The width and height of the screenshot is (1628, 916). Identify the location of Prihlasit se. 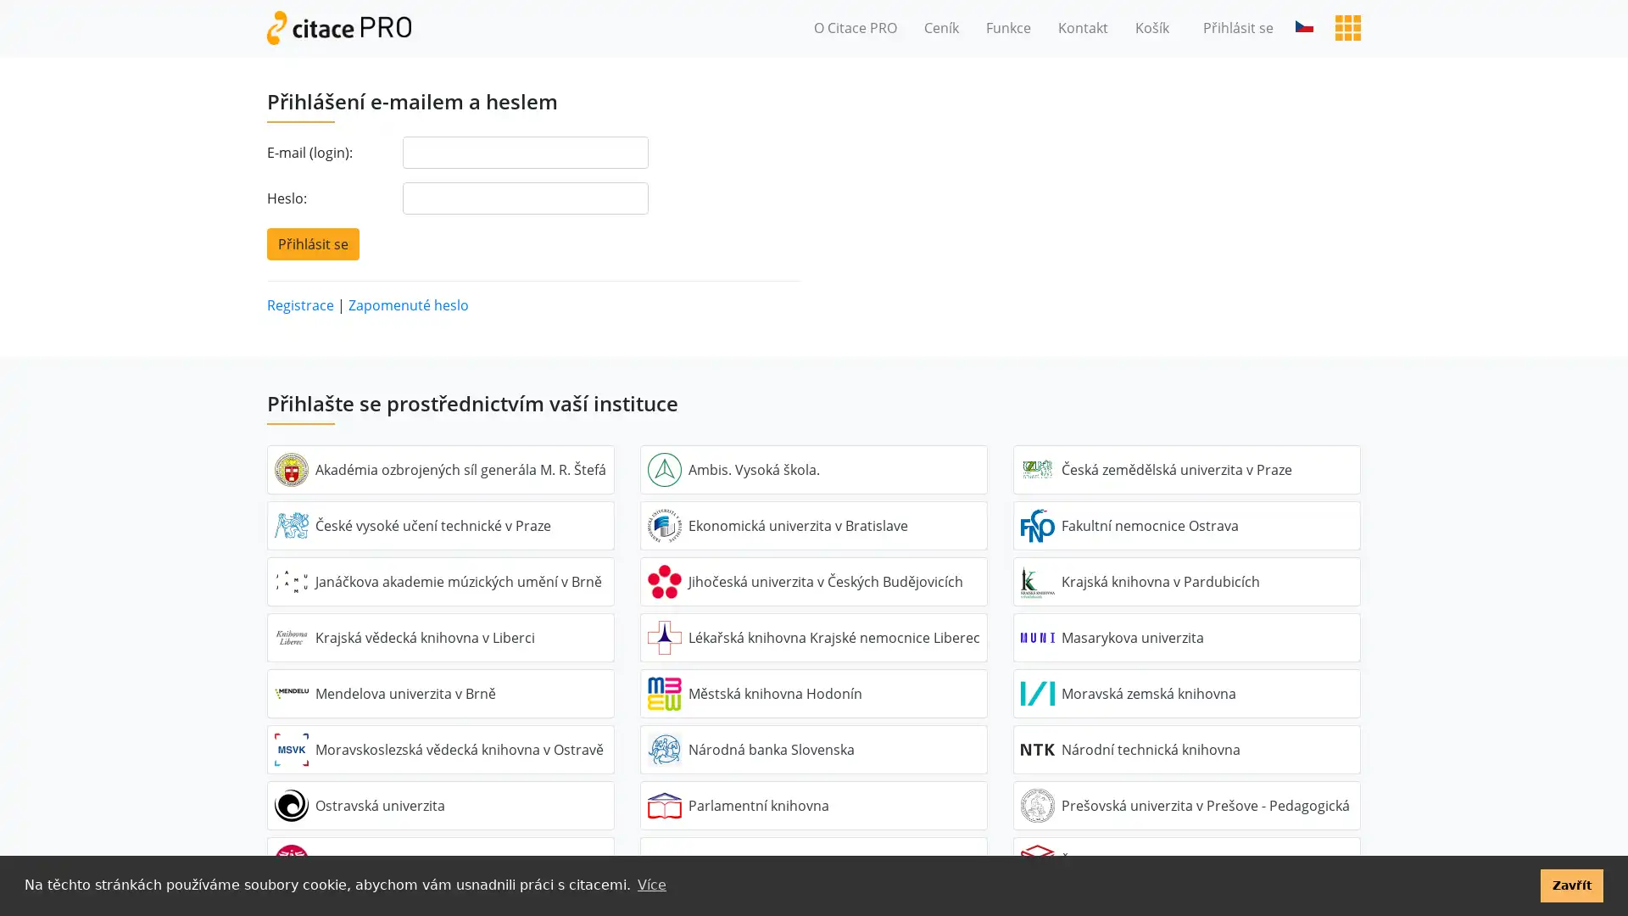
(313, 243).